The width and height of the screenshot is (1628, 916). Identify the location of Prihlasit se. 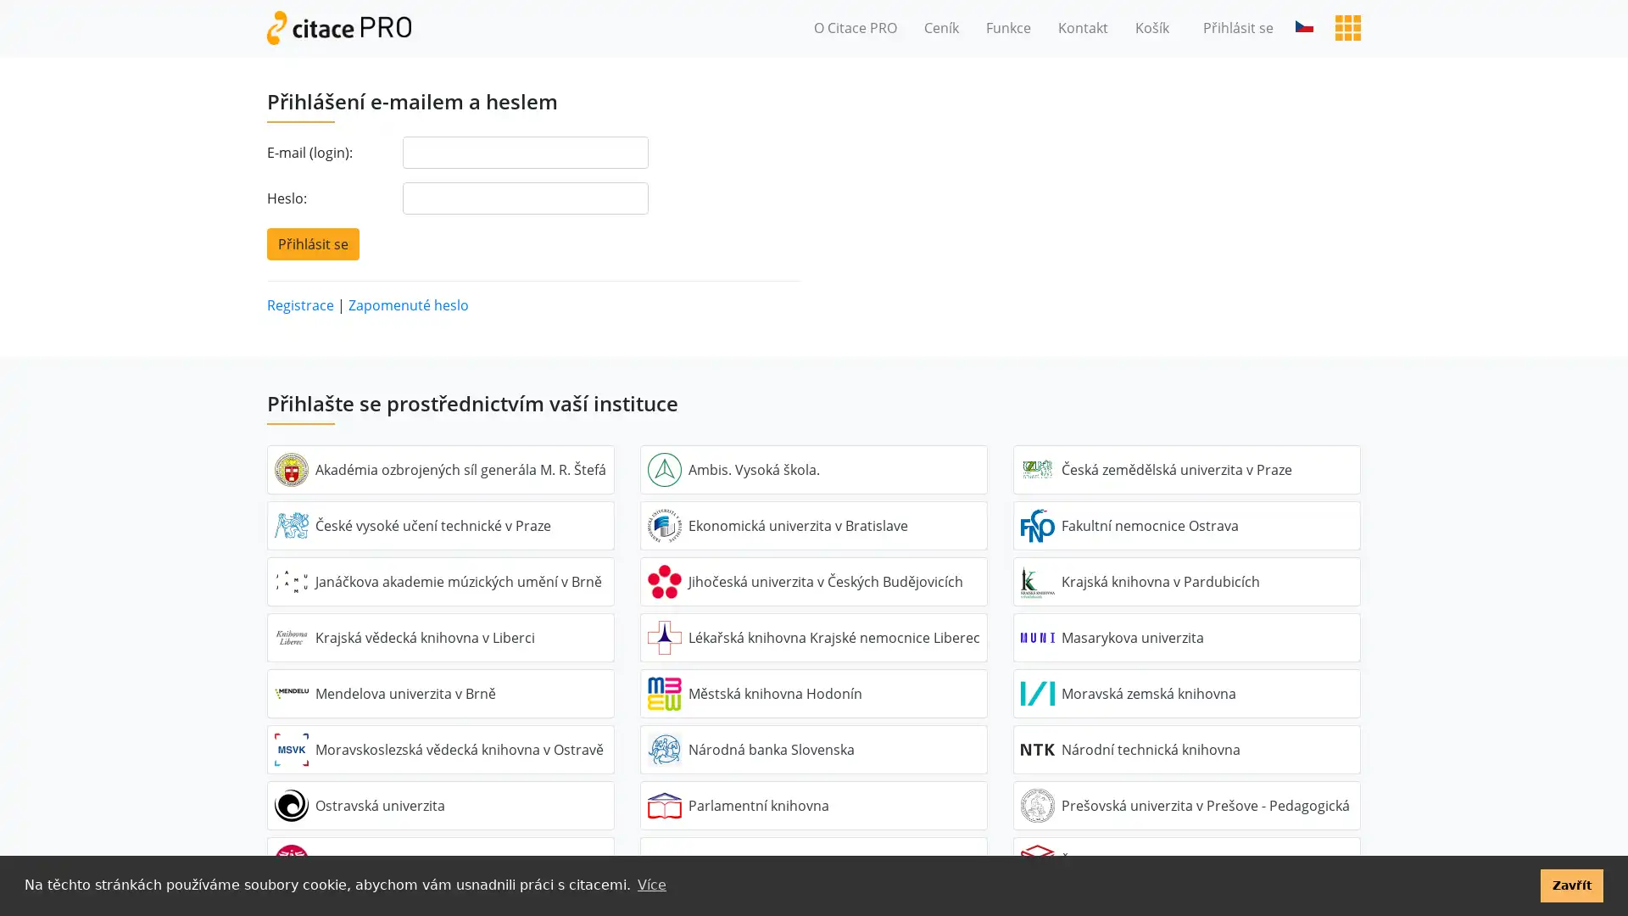
(313, 243).